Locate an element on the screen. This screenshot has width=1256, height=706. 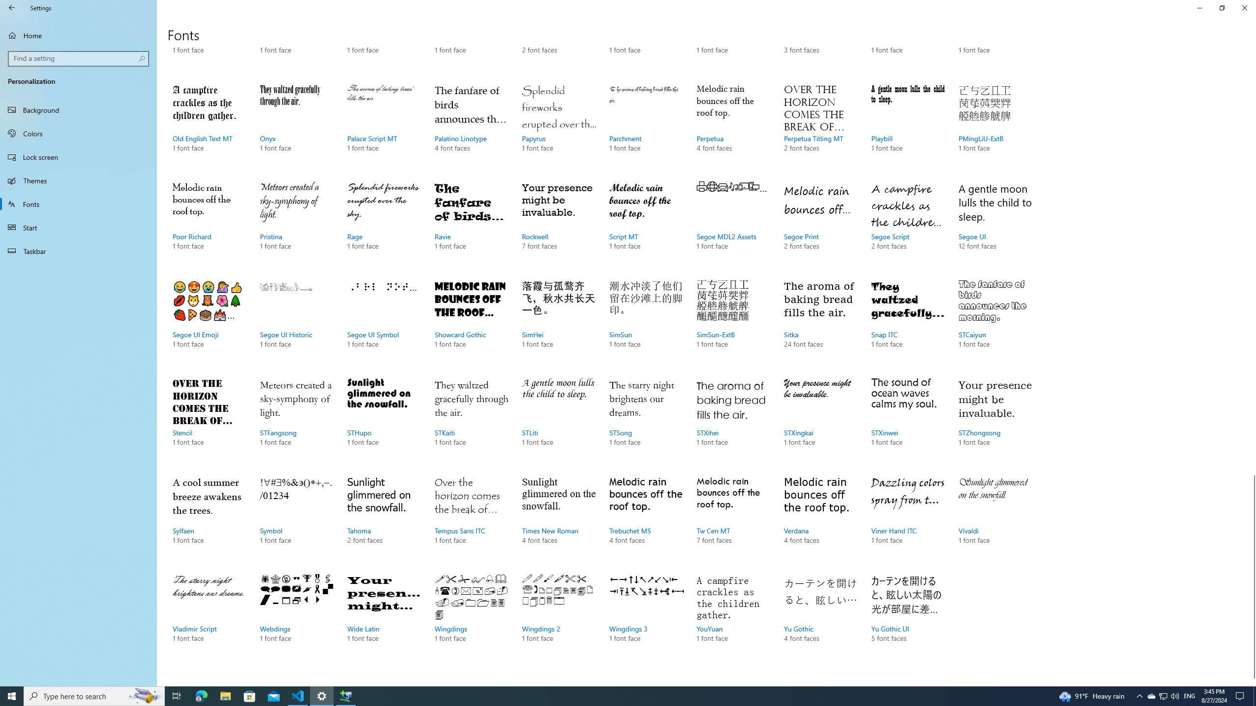
'Vivaldi, 1 font face' is located at coordinates (994, 520).